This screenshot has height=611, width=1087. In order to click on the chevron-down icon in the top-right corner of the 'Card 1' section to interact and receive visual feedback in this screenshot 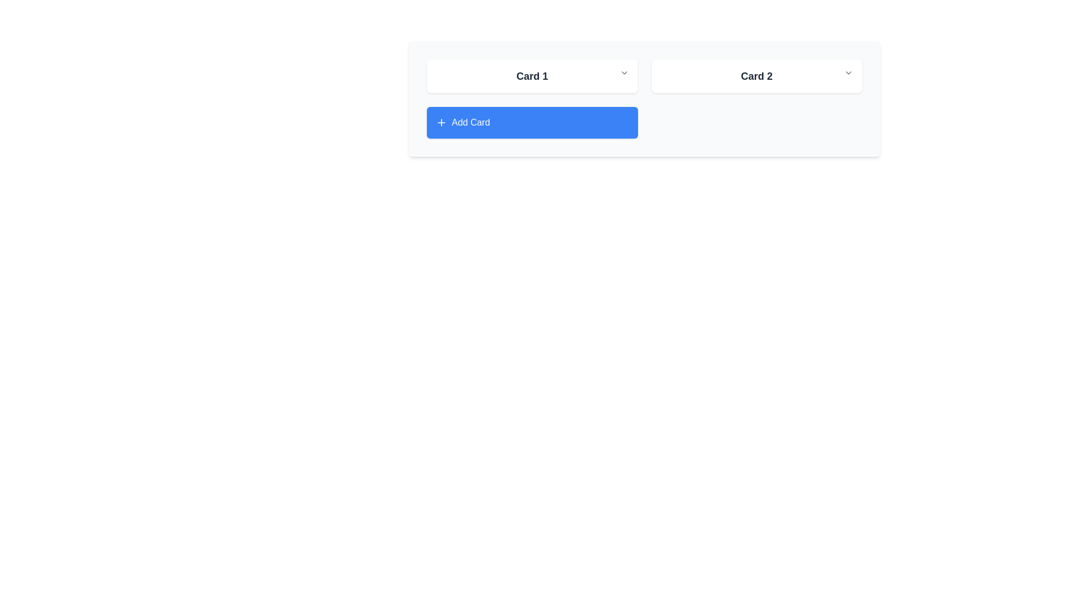, I will do `click(623, 72)`.